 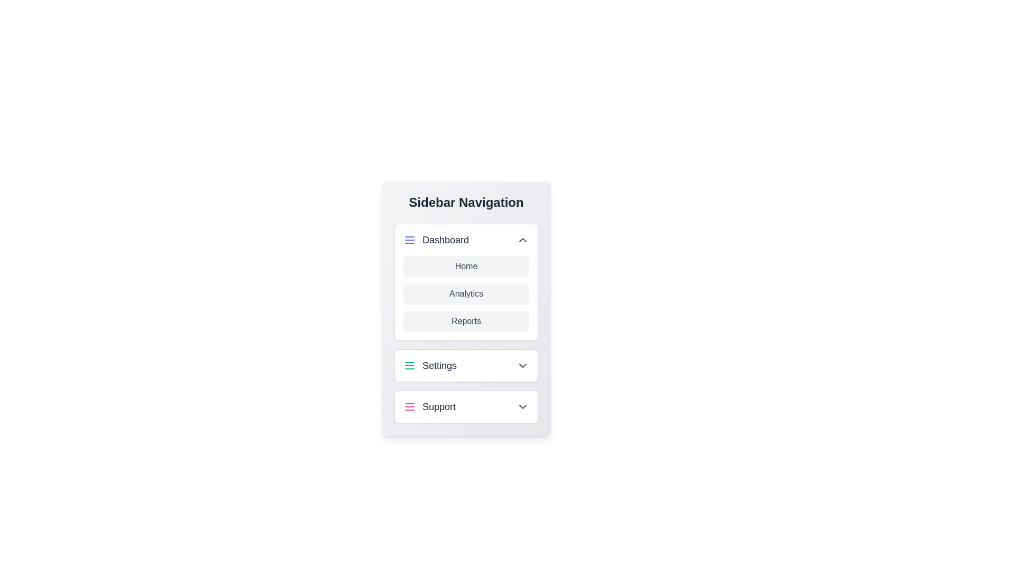 I want to click on the 'Analytics' button located below the 'Home' button and above the 'Reports' button in the Dashboard section, so click(x=466, y=293).